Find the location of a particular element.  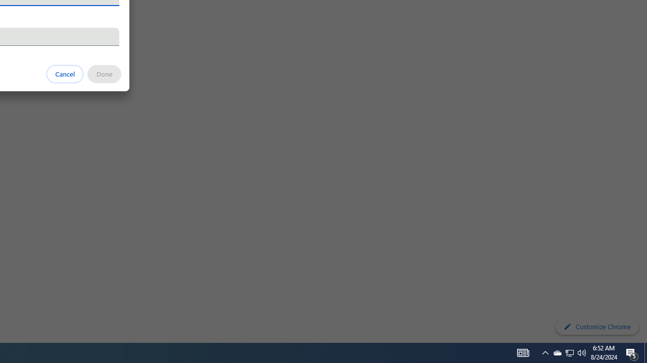

'Cancel' is located at coordinates (65, 73).